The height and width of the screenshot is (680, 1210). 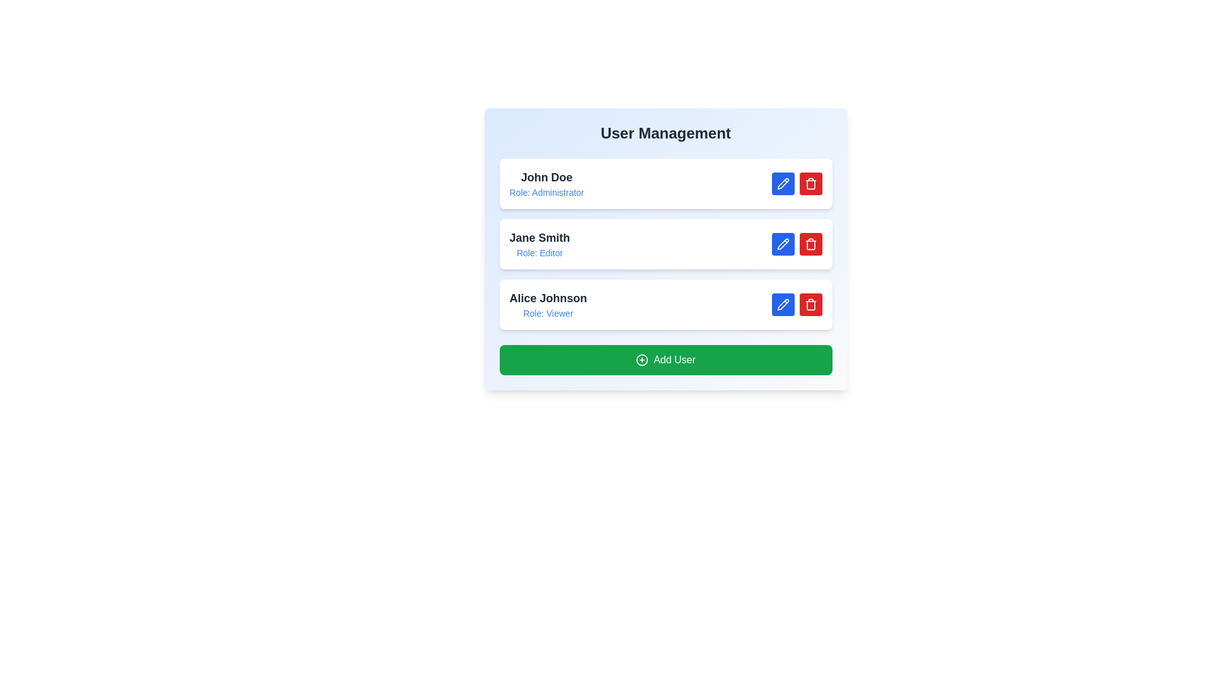 I want to click on the 'Add User' button to add a new user, so click(x=665, y=360).